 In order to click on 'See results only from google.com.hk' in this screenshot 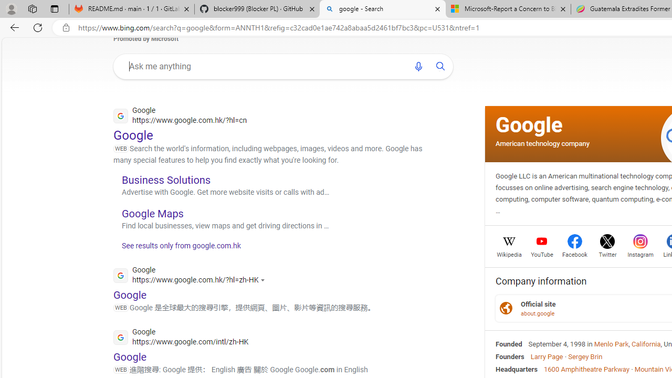, I will do `click(177, 248)`.